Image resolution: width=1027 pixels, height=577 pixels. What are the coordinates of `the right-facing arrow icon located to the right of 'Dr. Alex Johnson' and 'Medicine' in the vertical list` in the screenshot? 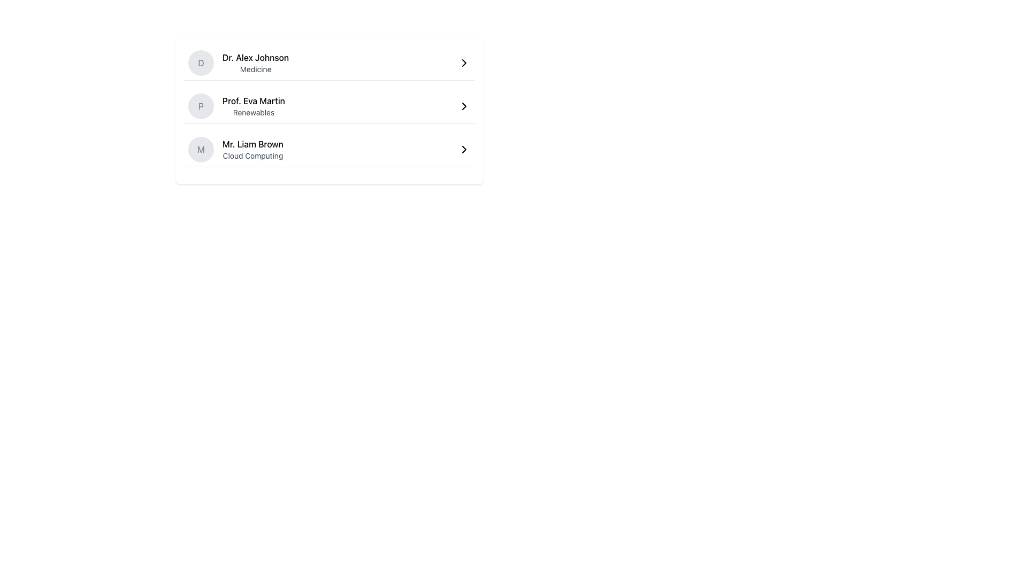 It's located at (464, 63).